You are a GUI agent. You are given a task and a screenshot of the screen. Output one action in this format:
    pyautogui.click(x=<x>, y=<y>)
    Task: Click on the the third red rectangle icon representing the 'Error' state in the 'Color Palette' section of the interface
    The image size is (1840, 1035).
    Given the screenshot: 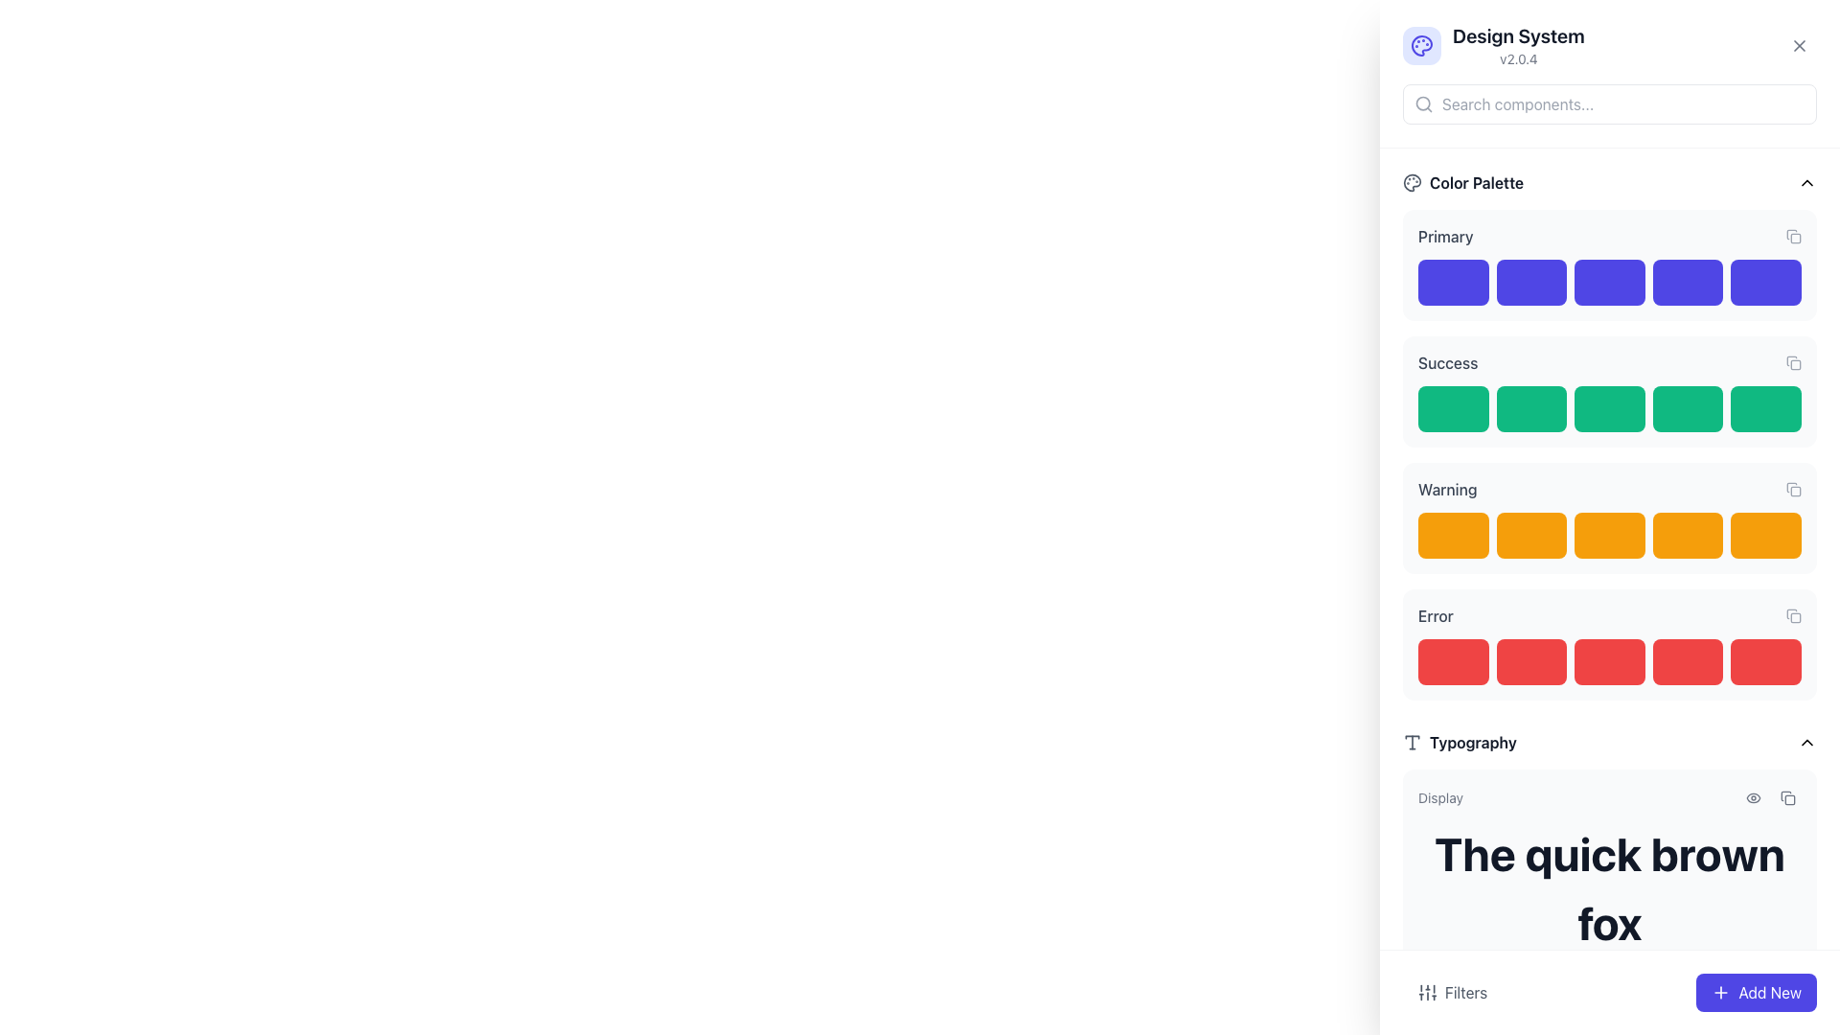 What is the action you would take?
    pyautogui.click(x=1610, y=660)
    